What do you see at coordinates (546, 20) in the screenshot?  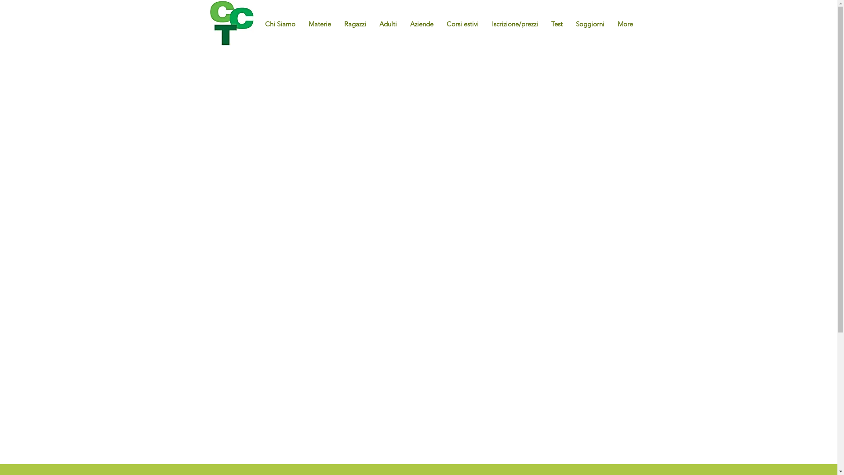 I see `'Soggiorni'` at bounding box center [546, 20].